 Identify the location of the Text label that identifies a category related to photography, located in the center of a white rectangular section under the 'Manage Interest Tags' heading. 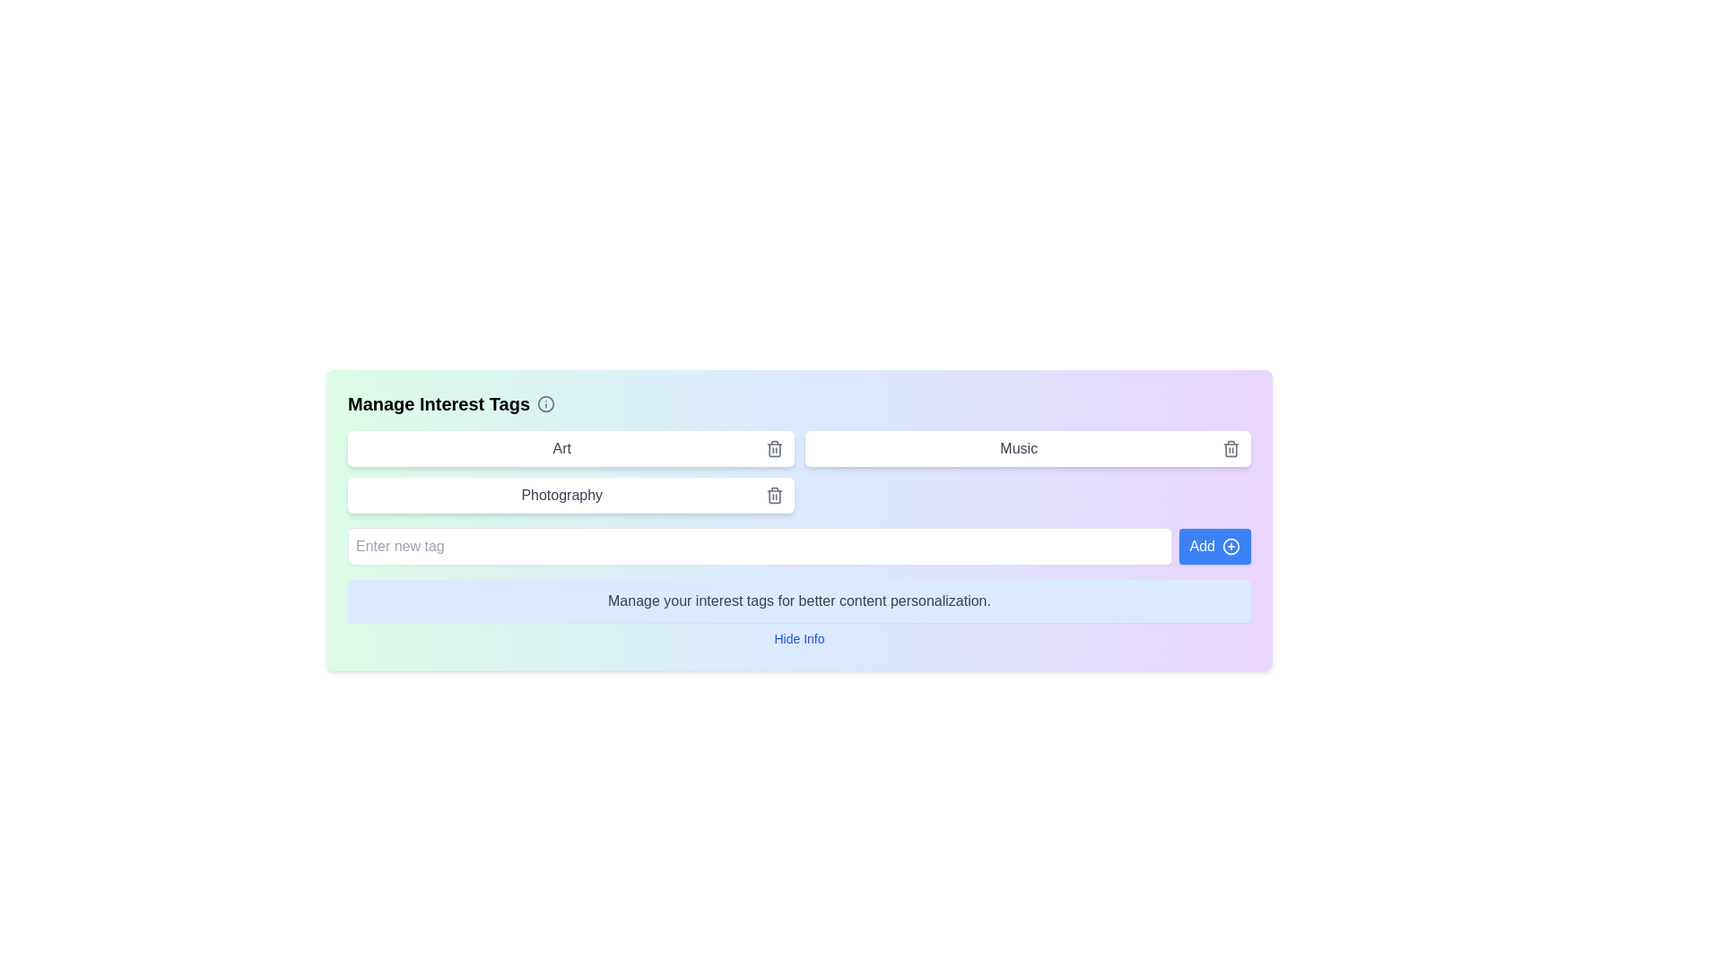
(561, 495).